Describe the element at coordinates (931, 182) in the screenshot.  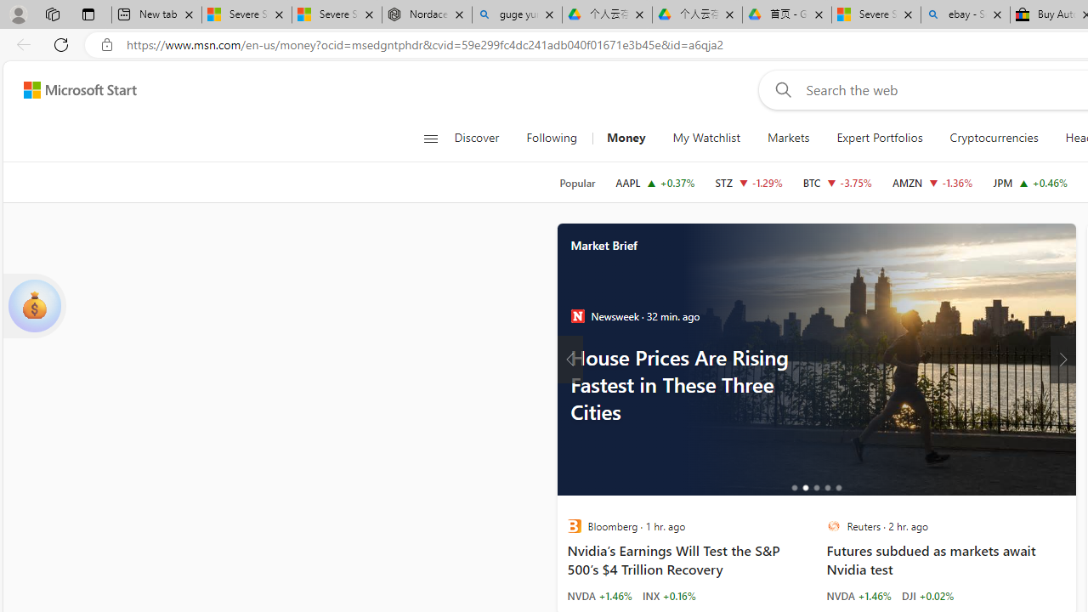
I see `'AMZN AMAZON.COM, INC. decrease 173.12 -2.38 -1.36%'` at that location.